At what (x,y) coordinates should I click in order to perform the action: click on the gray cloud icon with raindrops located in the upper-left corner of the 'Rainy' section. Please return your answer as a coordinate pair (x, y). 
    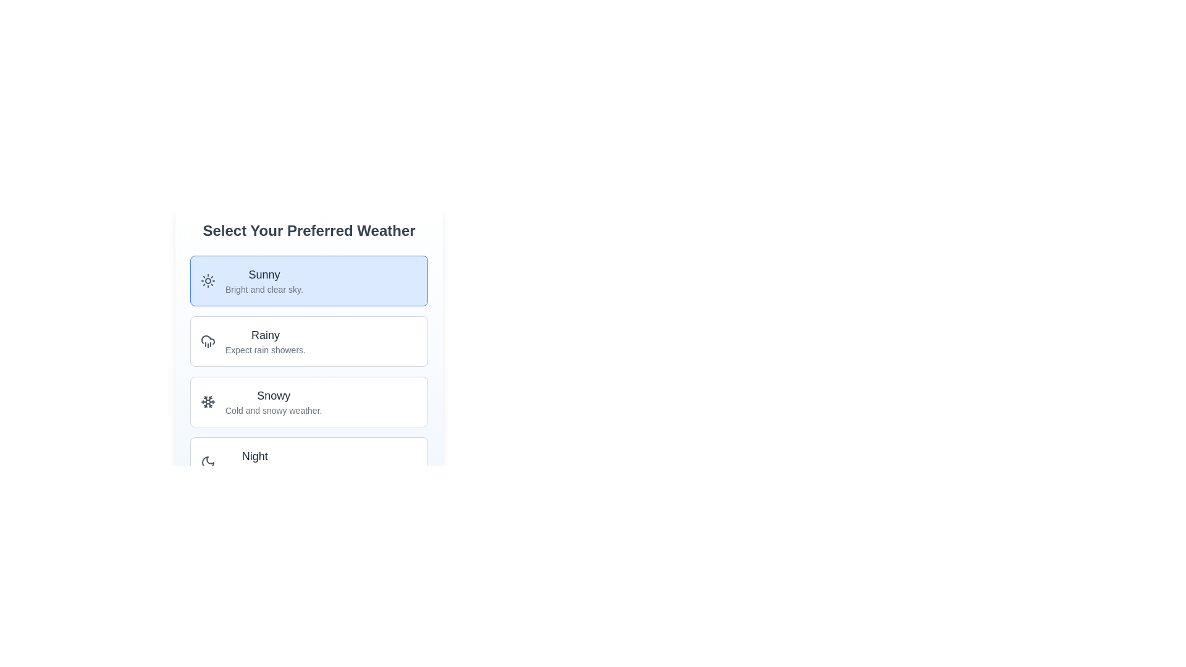
    Looking at the image, I should click on (208, 341).